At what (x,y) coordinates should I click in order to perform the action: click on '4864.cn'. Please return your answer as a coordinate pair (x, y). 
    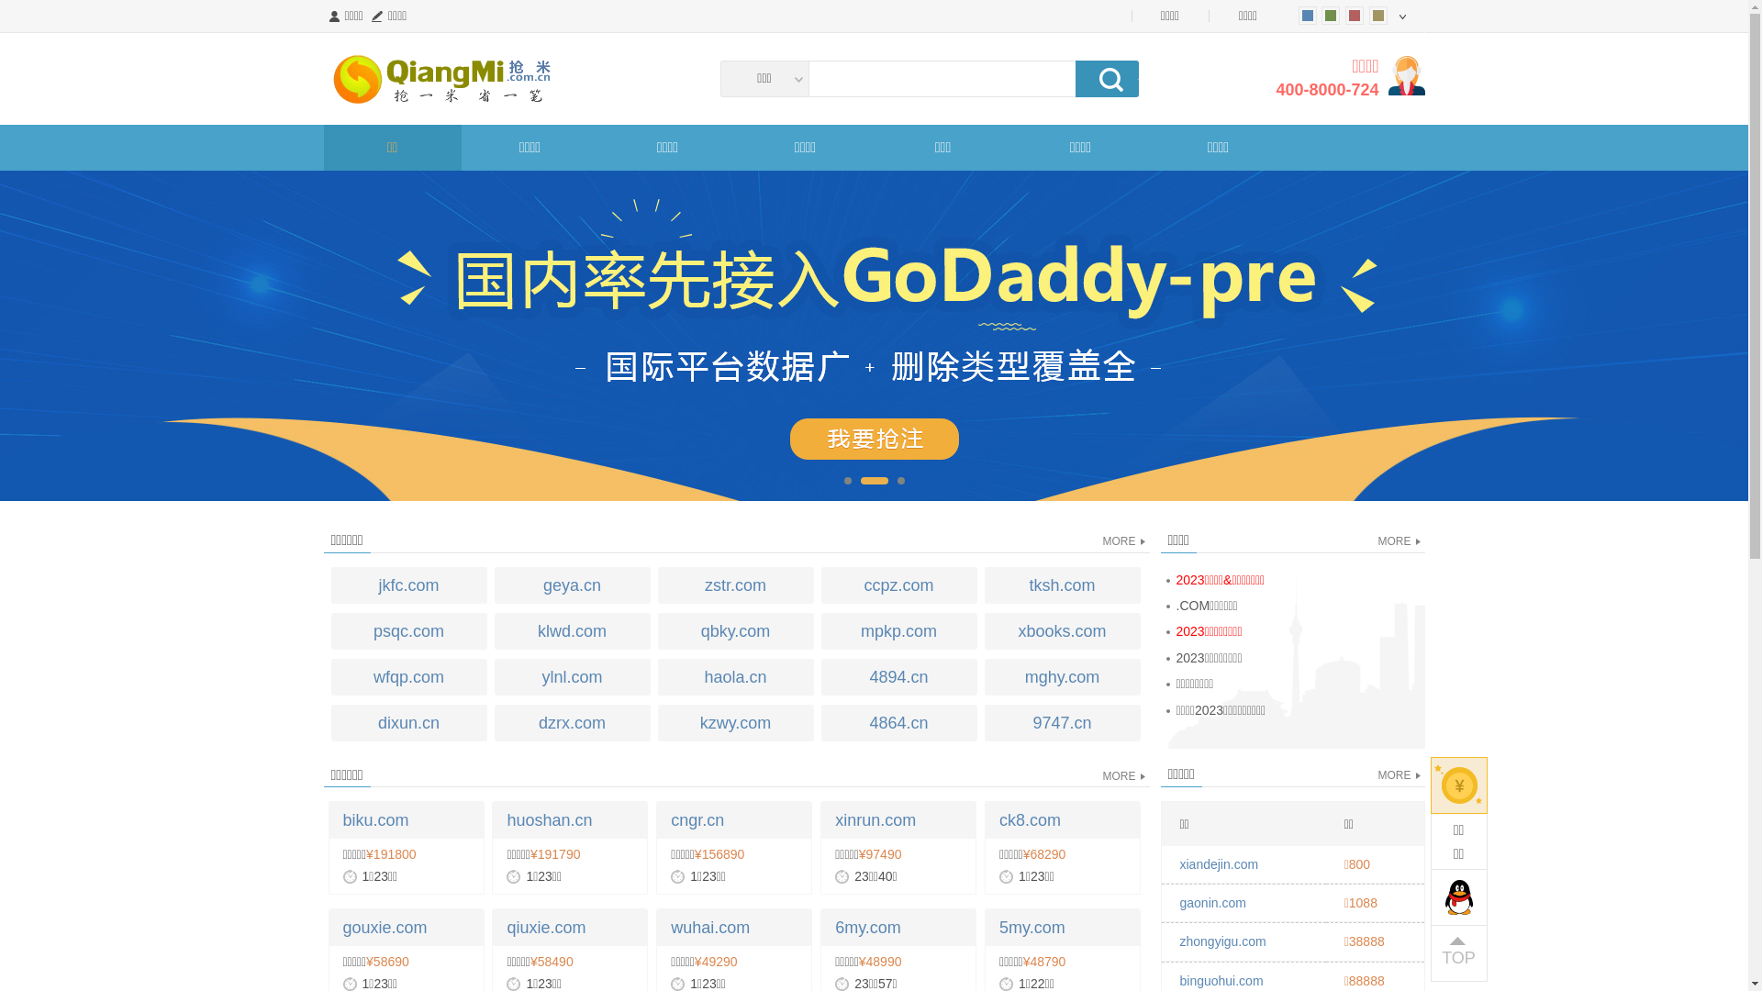
    Looking at the image, I should click on (898, 721).